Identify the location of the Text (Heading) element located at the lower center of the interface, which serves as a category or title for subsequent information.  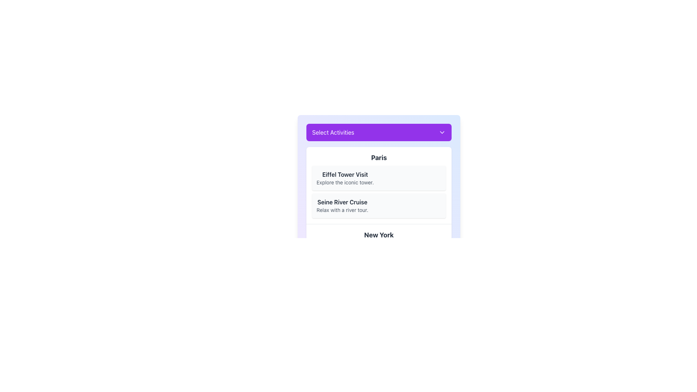
(378, 235).